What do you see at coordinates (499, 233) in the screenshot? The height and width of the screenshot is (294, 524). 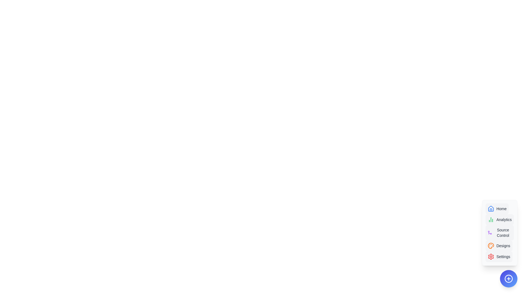 I see `the option Source Control from the speed dial menu` at bounding box center [499, 233].